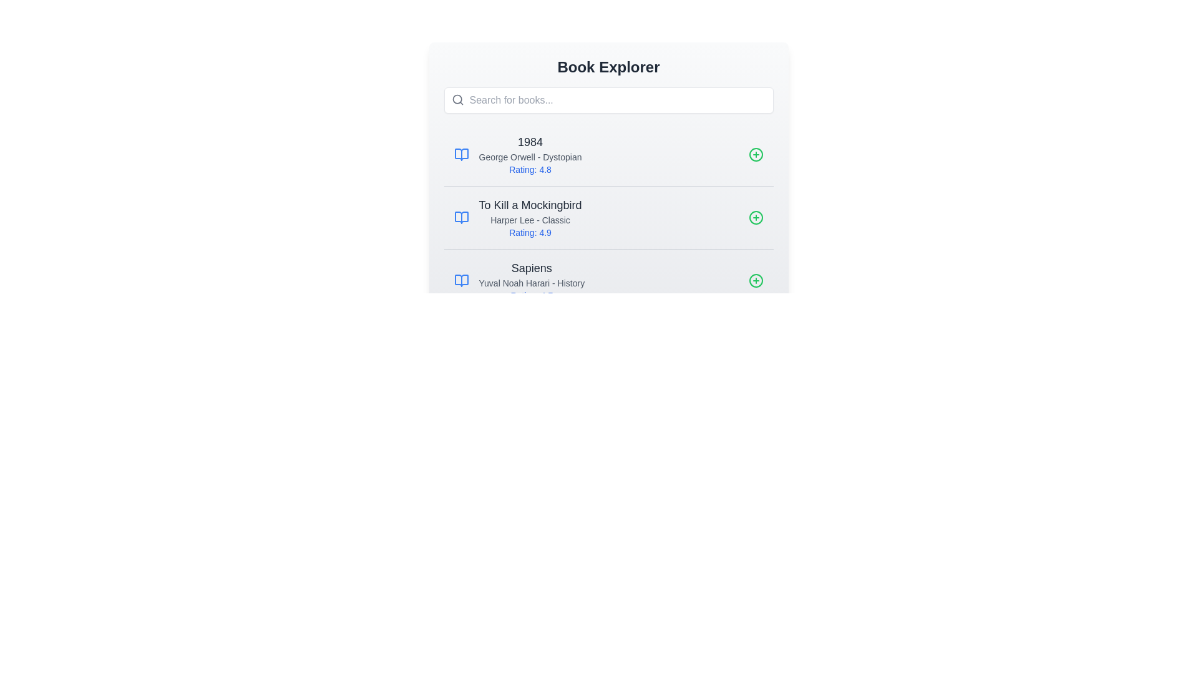 This screenshot has height=674, width=1198. Describe the element at coordinates (460, 281) in the screenshot. I see `the open book icon representing the book 'Sapiens', located on the left side of the text 'SapiensYuval Noah Harari - HistoryRating: 4.7'` at that location.